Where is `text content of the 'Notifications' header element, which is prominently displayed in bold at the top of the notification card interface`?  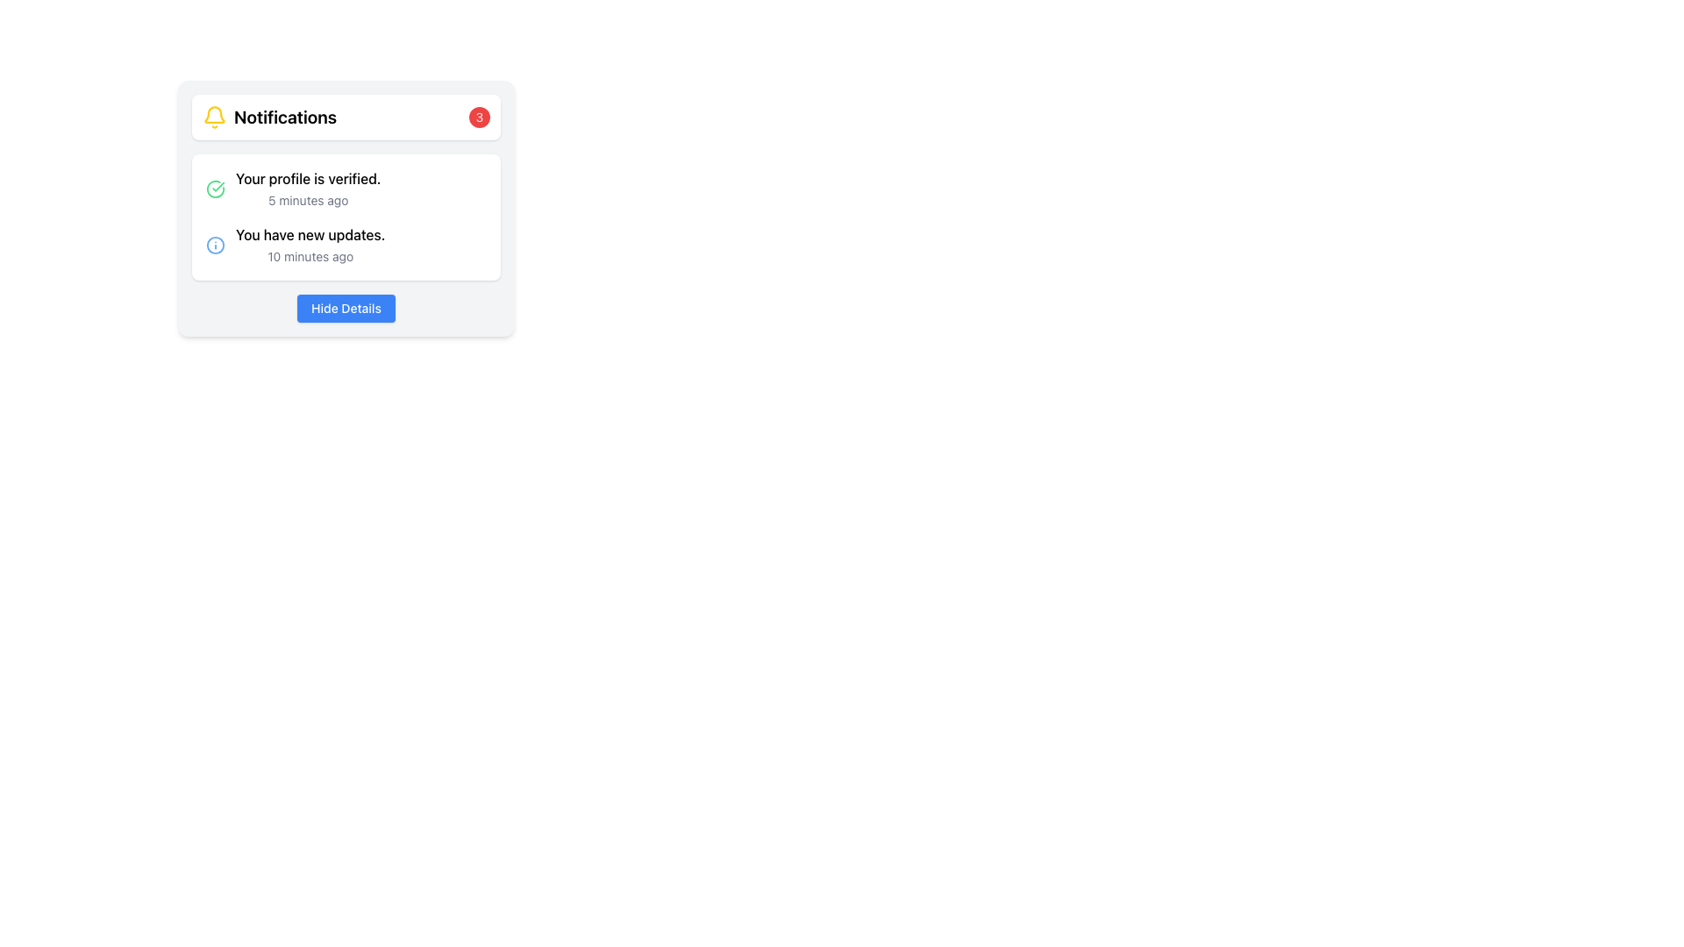 text content of the 'Notifications' header element, which is prominently displayed in bold at the top of the notification card interface is located at coordinates (285, 117).